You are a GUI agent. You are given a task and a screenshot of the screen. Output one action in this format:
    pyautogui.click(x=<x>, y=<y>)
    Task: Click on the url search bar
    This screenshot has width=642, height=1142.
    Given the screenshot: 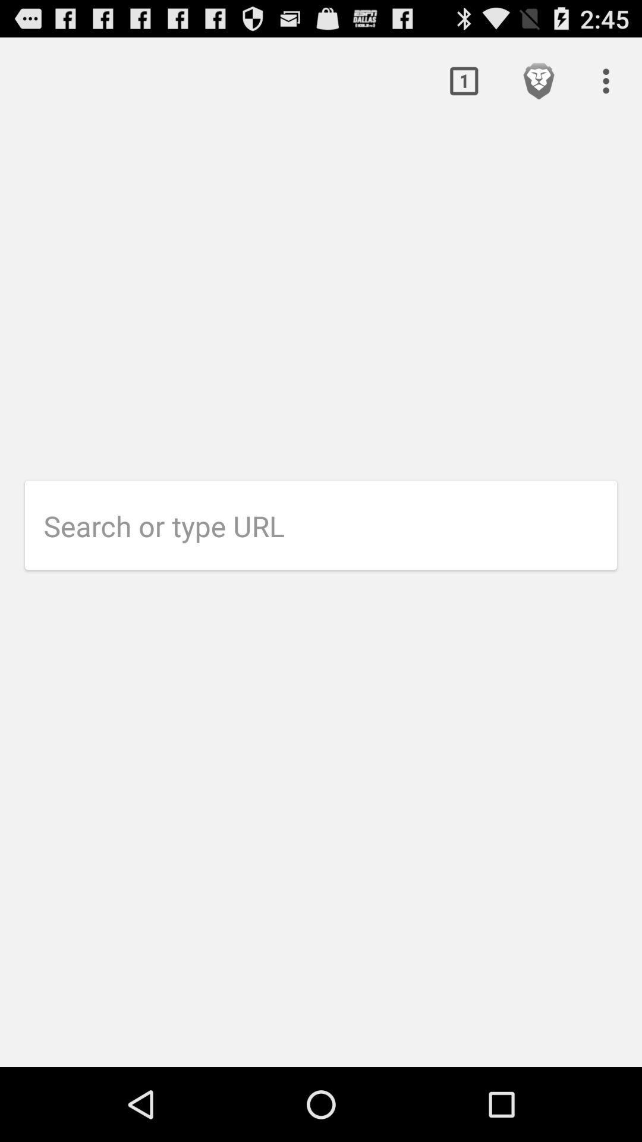 What is the action you would take?
    pyautogui.click(x=330, y=525)
    